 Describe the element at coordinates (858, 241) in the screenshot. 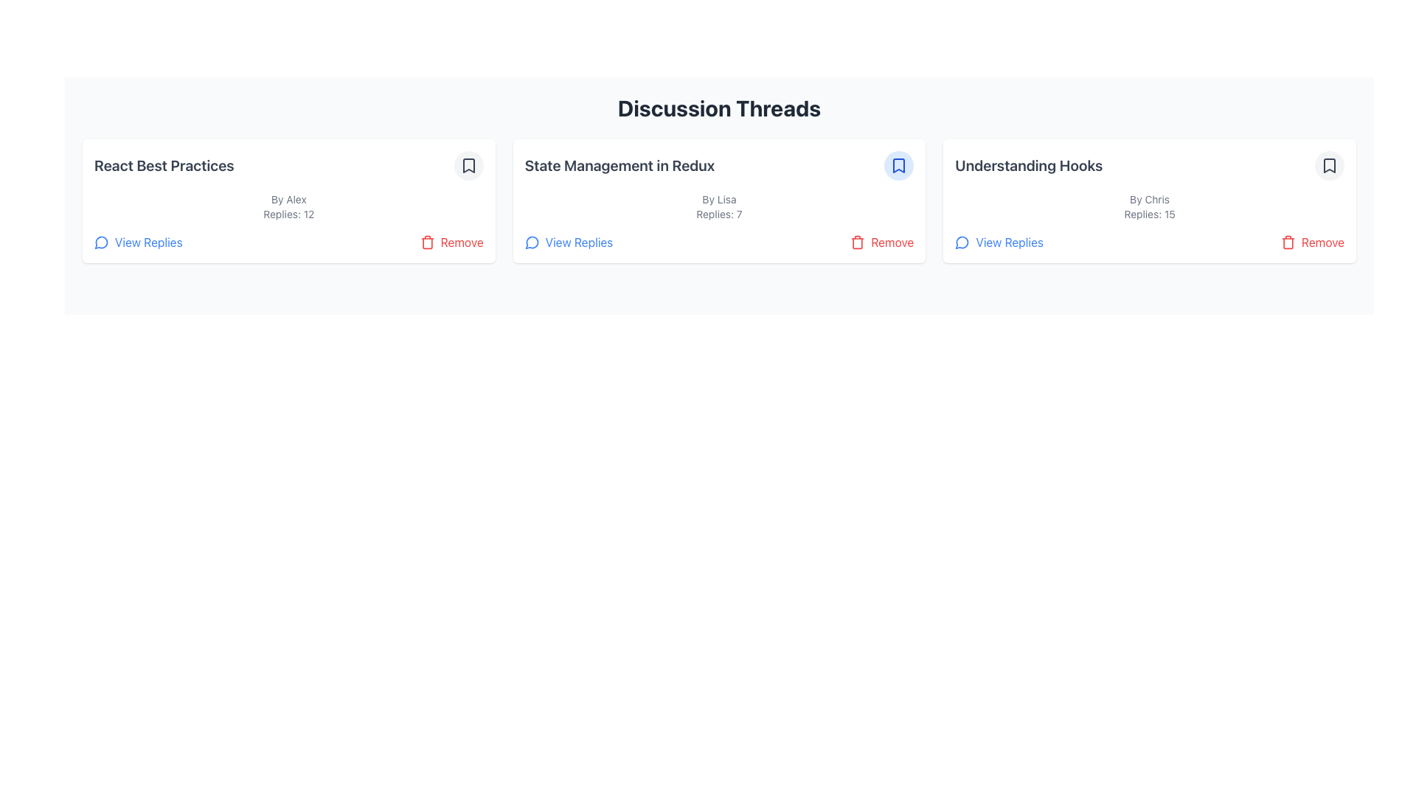

I see `the vivid red trash bin icon located at the bottom-right corner of the 'State Management in Redux' discussion card to initiate a removal action` at that location.